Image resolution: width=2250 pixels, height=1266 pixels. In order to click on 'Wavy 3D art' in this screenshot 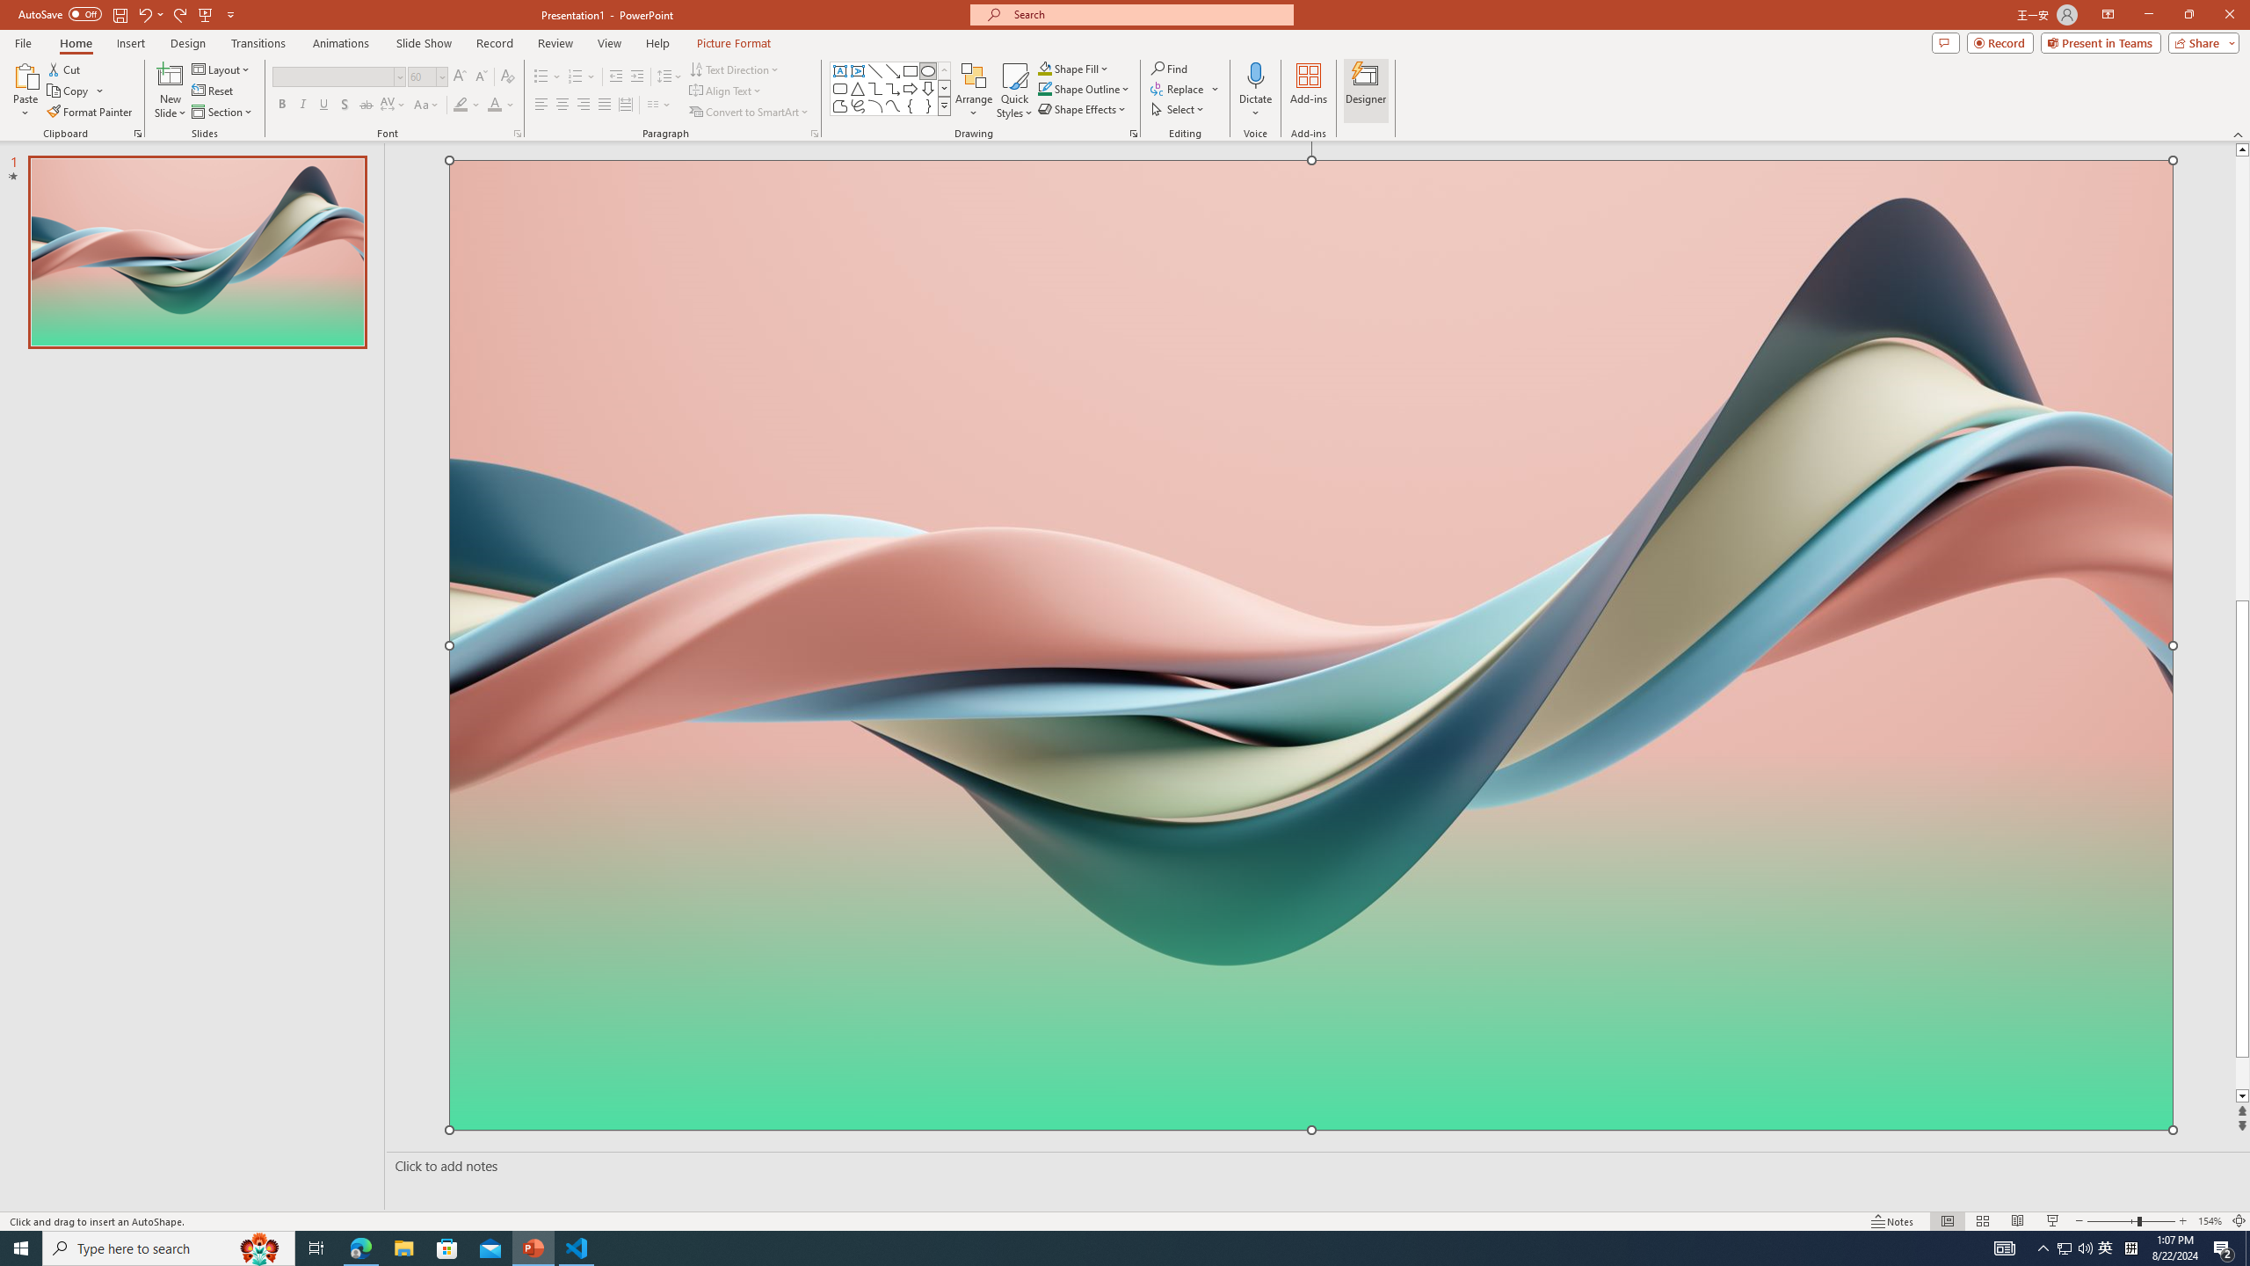, I will do `click(1310, 644)`.